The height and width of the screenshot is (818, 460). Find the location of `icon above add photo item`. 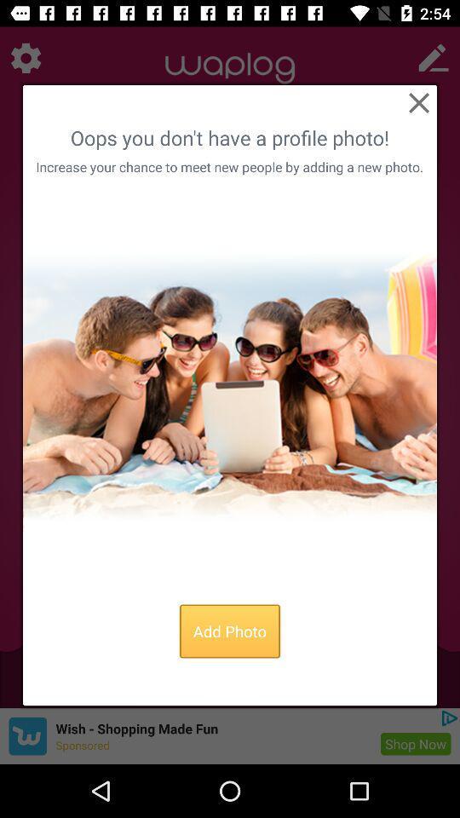

icon above add photo item is located at coordinates (230, 386).